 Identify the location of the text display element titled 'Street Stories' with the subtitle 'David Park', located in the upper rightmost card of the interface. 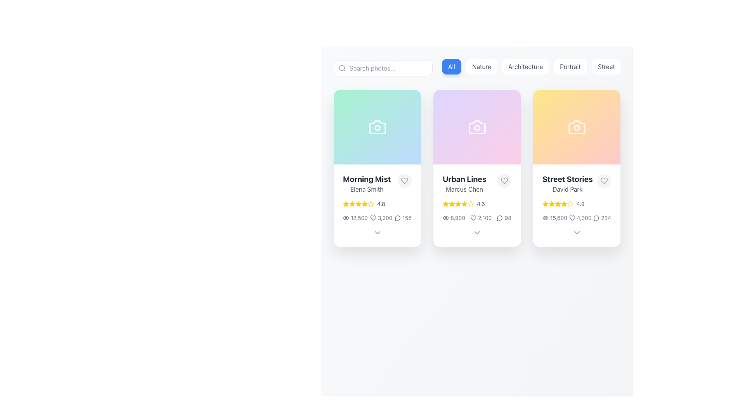
(577, 184).